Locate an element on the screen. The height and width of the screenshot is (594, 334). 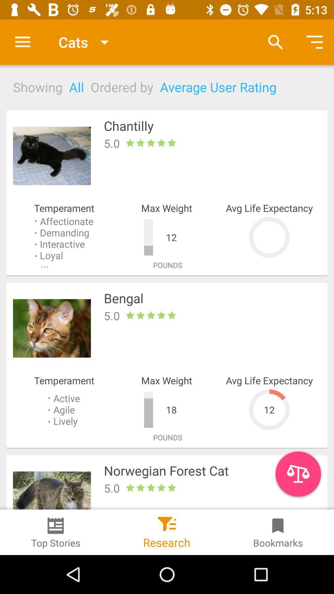
the icon next to the search icon is located at coordinates (315, 42).